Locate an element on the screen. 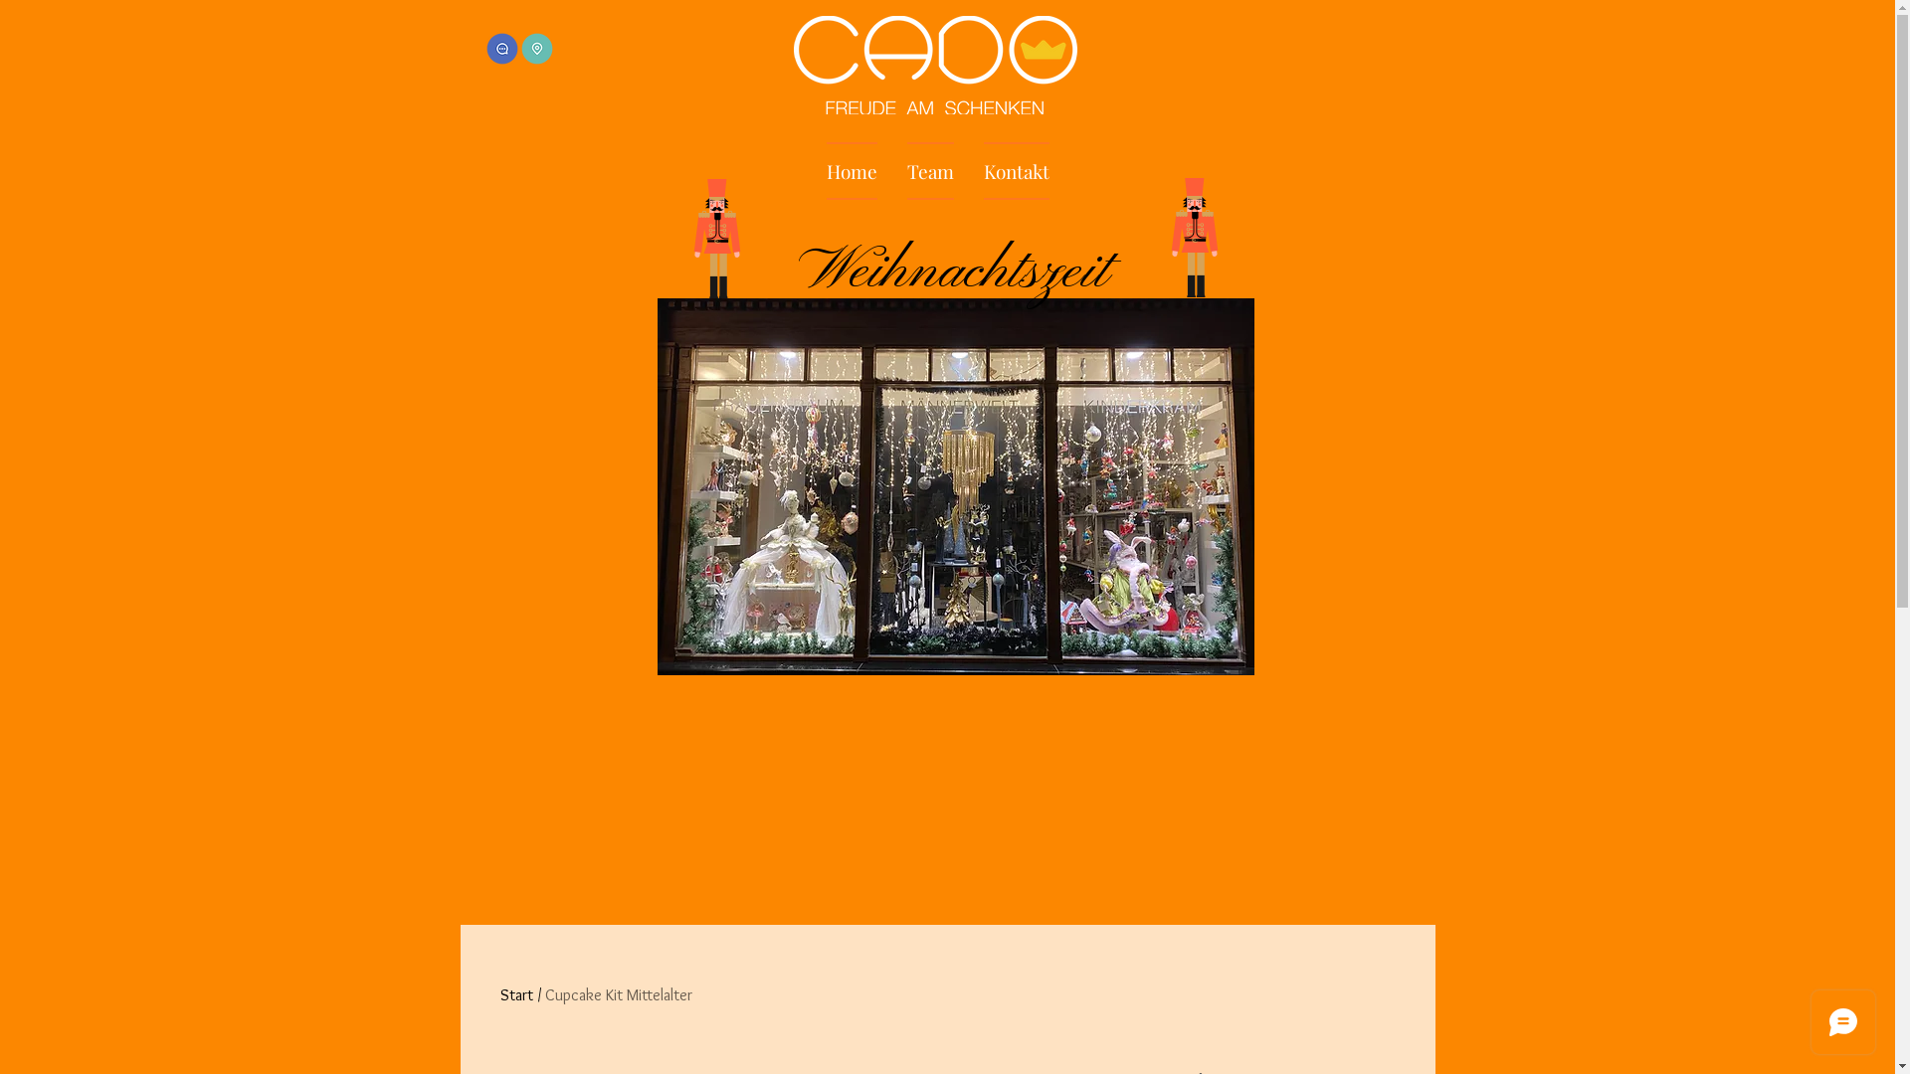 The height and width of the screenshot is (1074, 1910). 'Home' is located at coordinates (826, 170).